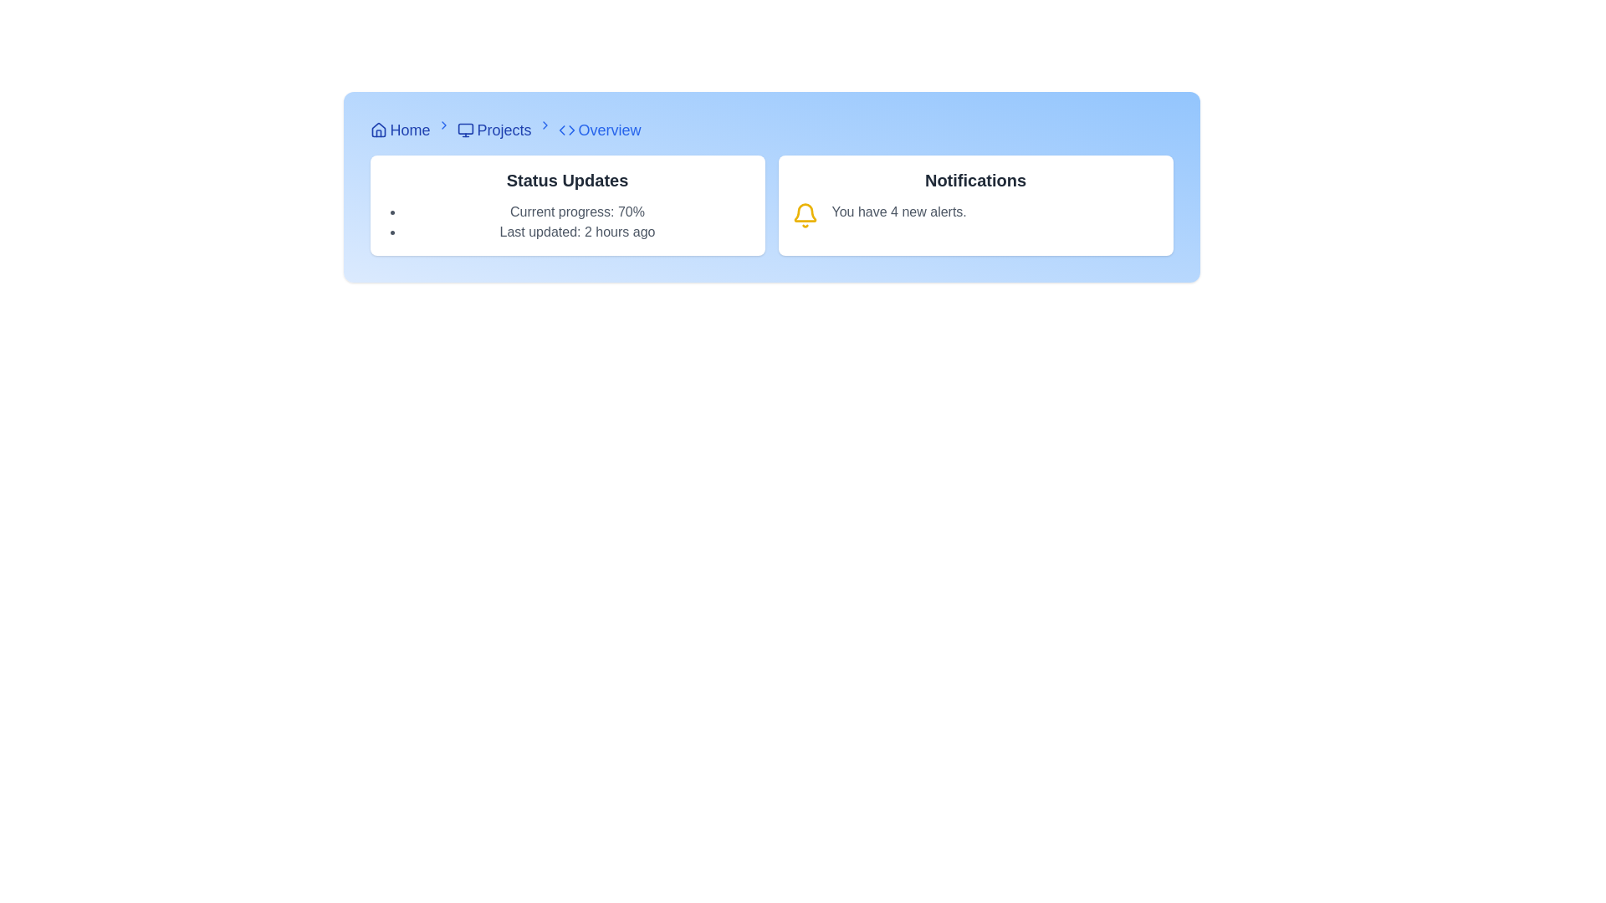 This screenshot has width=1606, height=903. What do you see at coordinates (465, 129) in the screenshot?
I see `the SVG icon resembling a computer monitor located in the breadcrumb navigation labeled 'Projects'` at bounding box center [465, 129].